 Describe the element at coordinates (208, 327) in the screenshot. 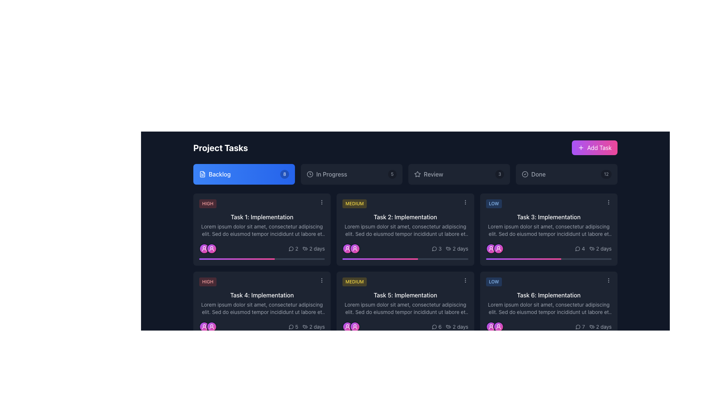

I see `the two graphical icons of user representations, designed as circular avatars, located in the bottom-left of the card titled 'Task 4: Implementation' in the 'Backlog' section` at that location.